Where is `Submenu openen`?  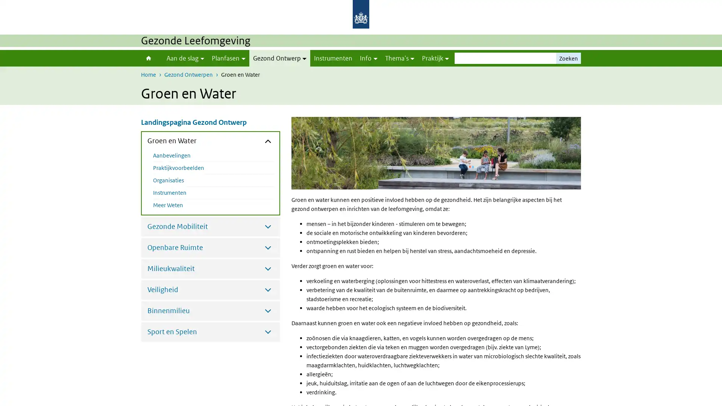
Submenu openen is located at coordinates (268, 310).